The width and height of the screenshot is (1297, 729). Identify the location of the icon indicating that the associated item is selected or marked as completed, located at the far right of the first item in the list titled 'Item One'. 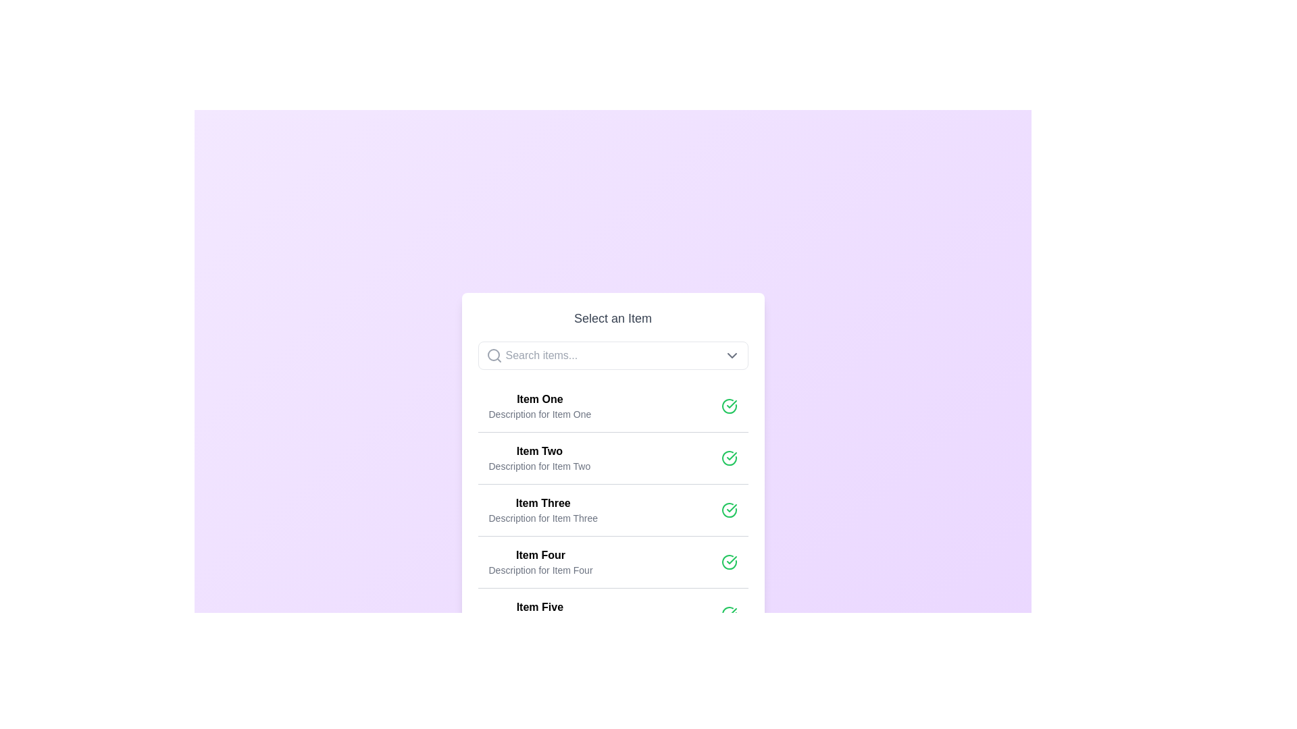
(728, 405).